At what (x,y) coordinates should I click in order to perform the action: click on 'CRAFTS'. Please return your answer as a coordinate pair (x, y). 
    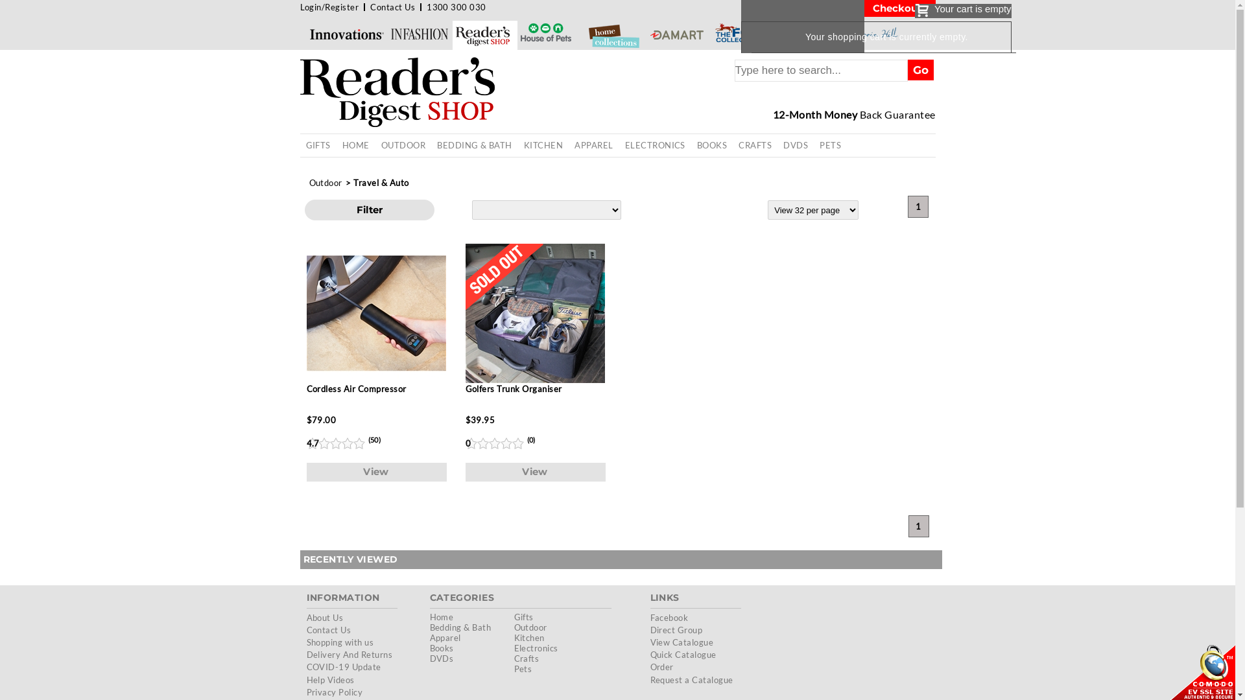
    Looking at the image, I should click on (732, 145).